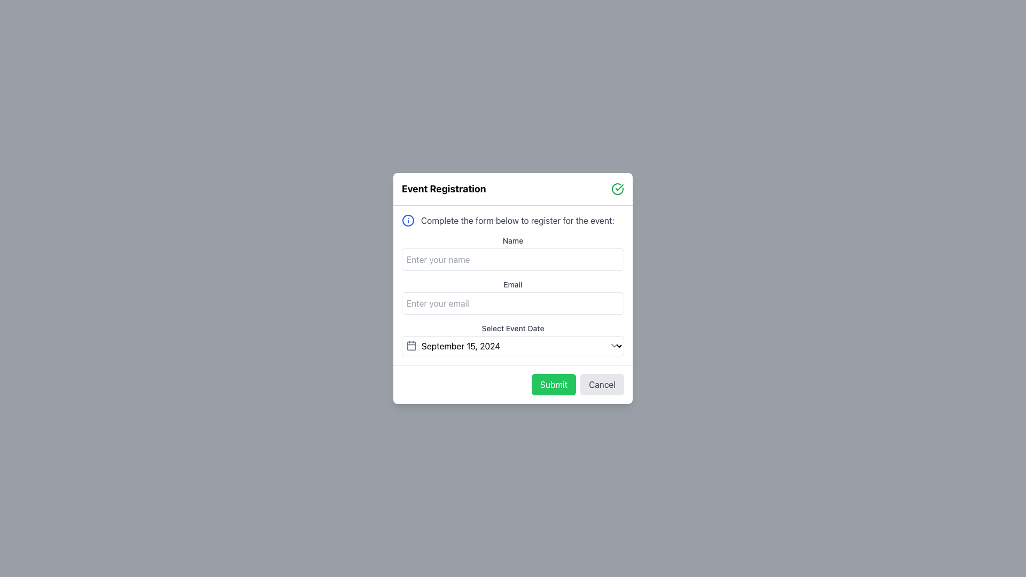  What do you see at coordinates (618, 189) in the screenshot?
I see `the icon located in the upper-right corner of the 'Event Registration' header section` at bounding box center [618, 189].